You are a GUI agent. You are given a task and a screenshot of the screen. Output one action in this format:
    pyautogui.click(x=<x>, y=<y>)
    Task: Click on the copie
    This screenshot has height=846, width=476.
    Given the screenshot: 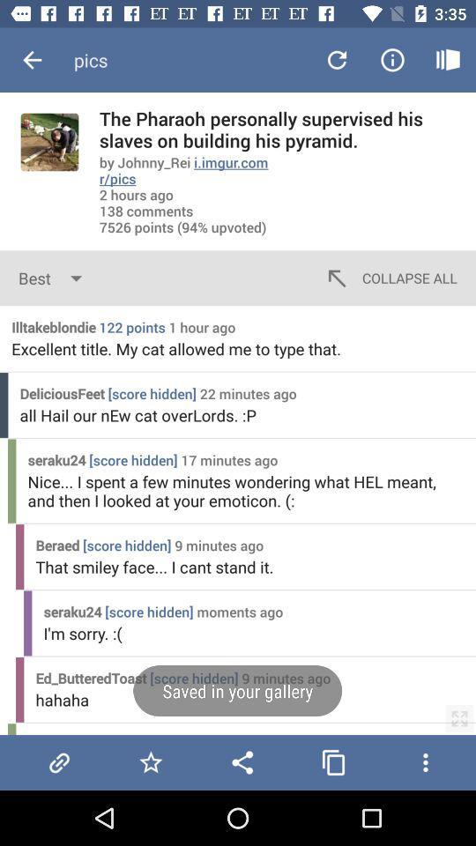 What is the action you would take?
    pyautogui.click(x=333, y=761)
    